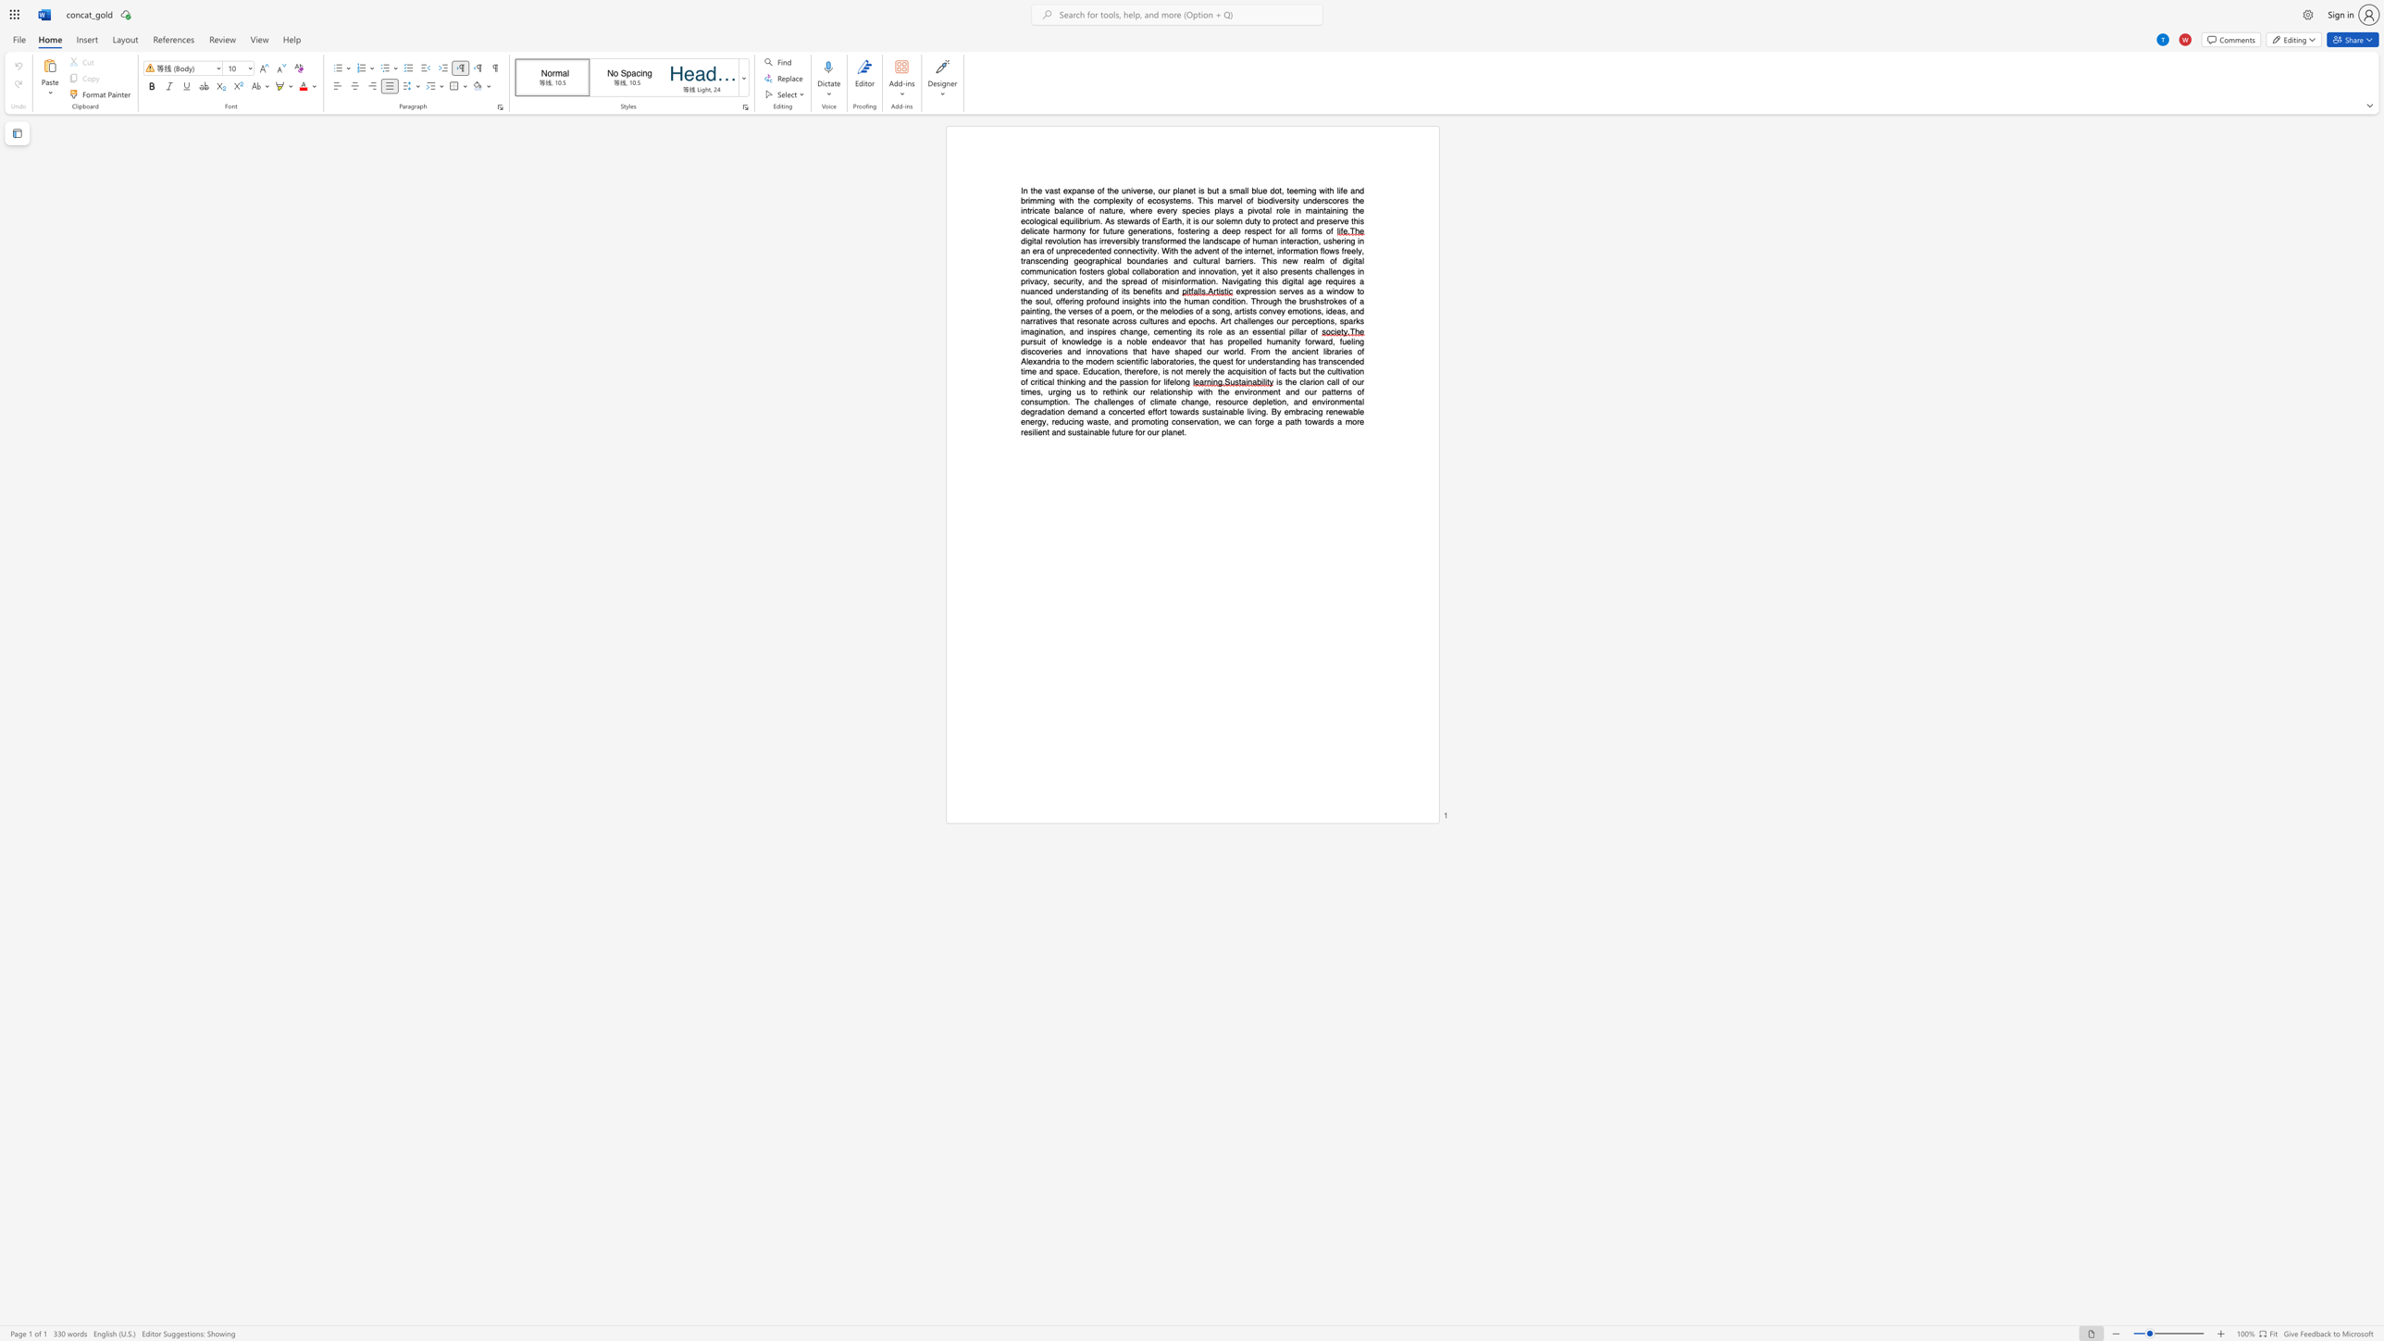  I want to click on the subset text "g profound insights into the human c" within the text "expression serves as a window to the soul, offering profound insights into the human condition. Through the brushstrokes of a painting, the verses of a poem, or the melodies of a song, artists convey emotions, ideas, and narratives that resonate across cultures and epochs. Art challenges our", so click(1077, 300).